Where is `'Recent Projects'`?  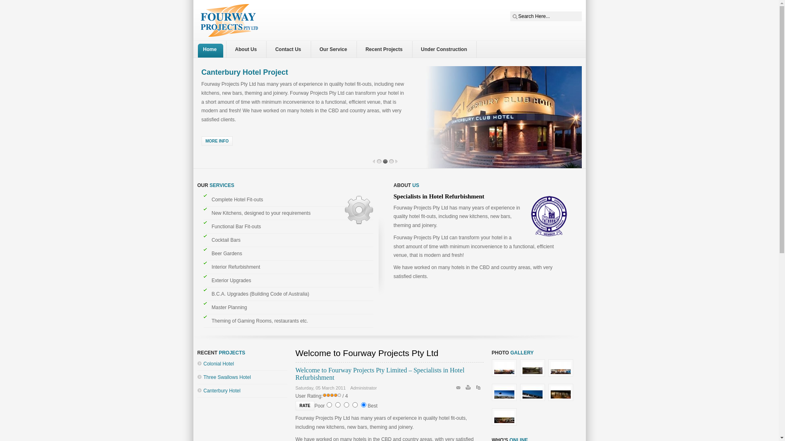 'Recent Projects' is located at coordinates (363, 49).